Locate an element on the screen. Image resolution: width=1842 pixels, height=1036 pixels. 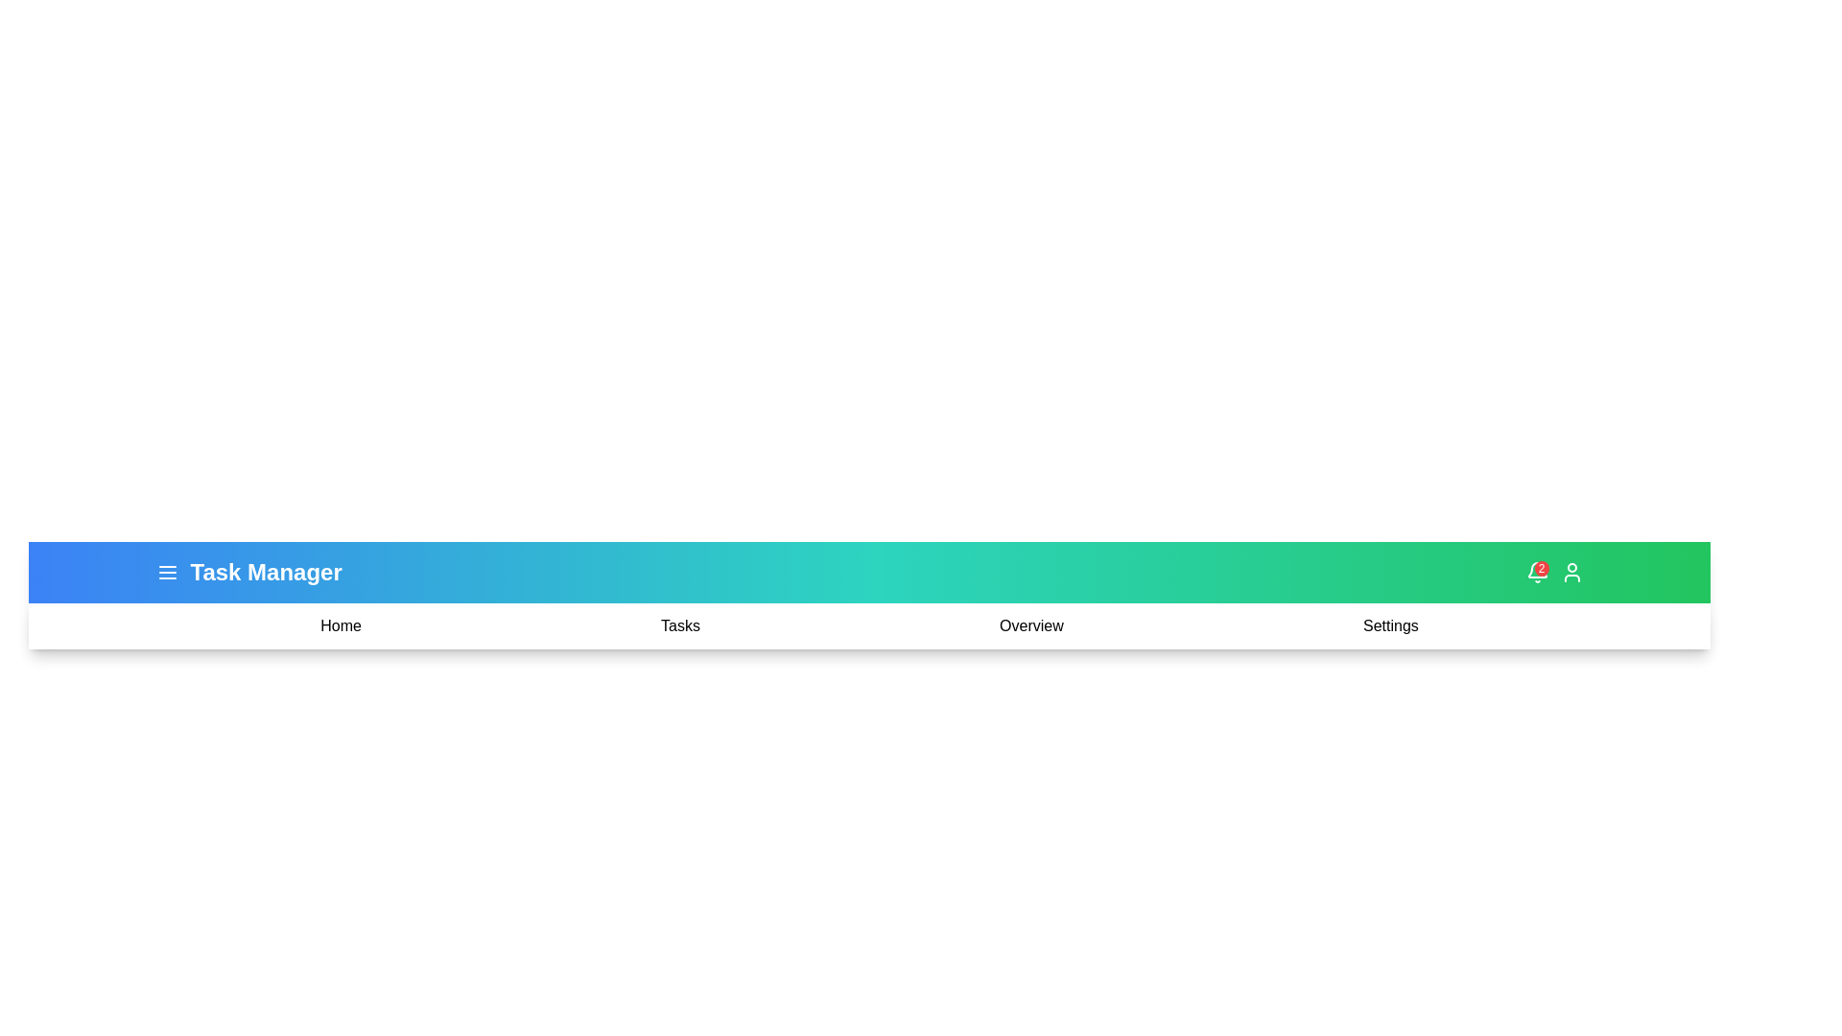
the menu icon to toggle the menu is located at coordinates (167, 572).